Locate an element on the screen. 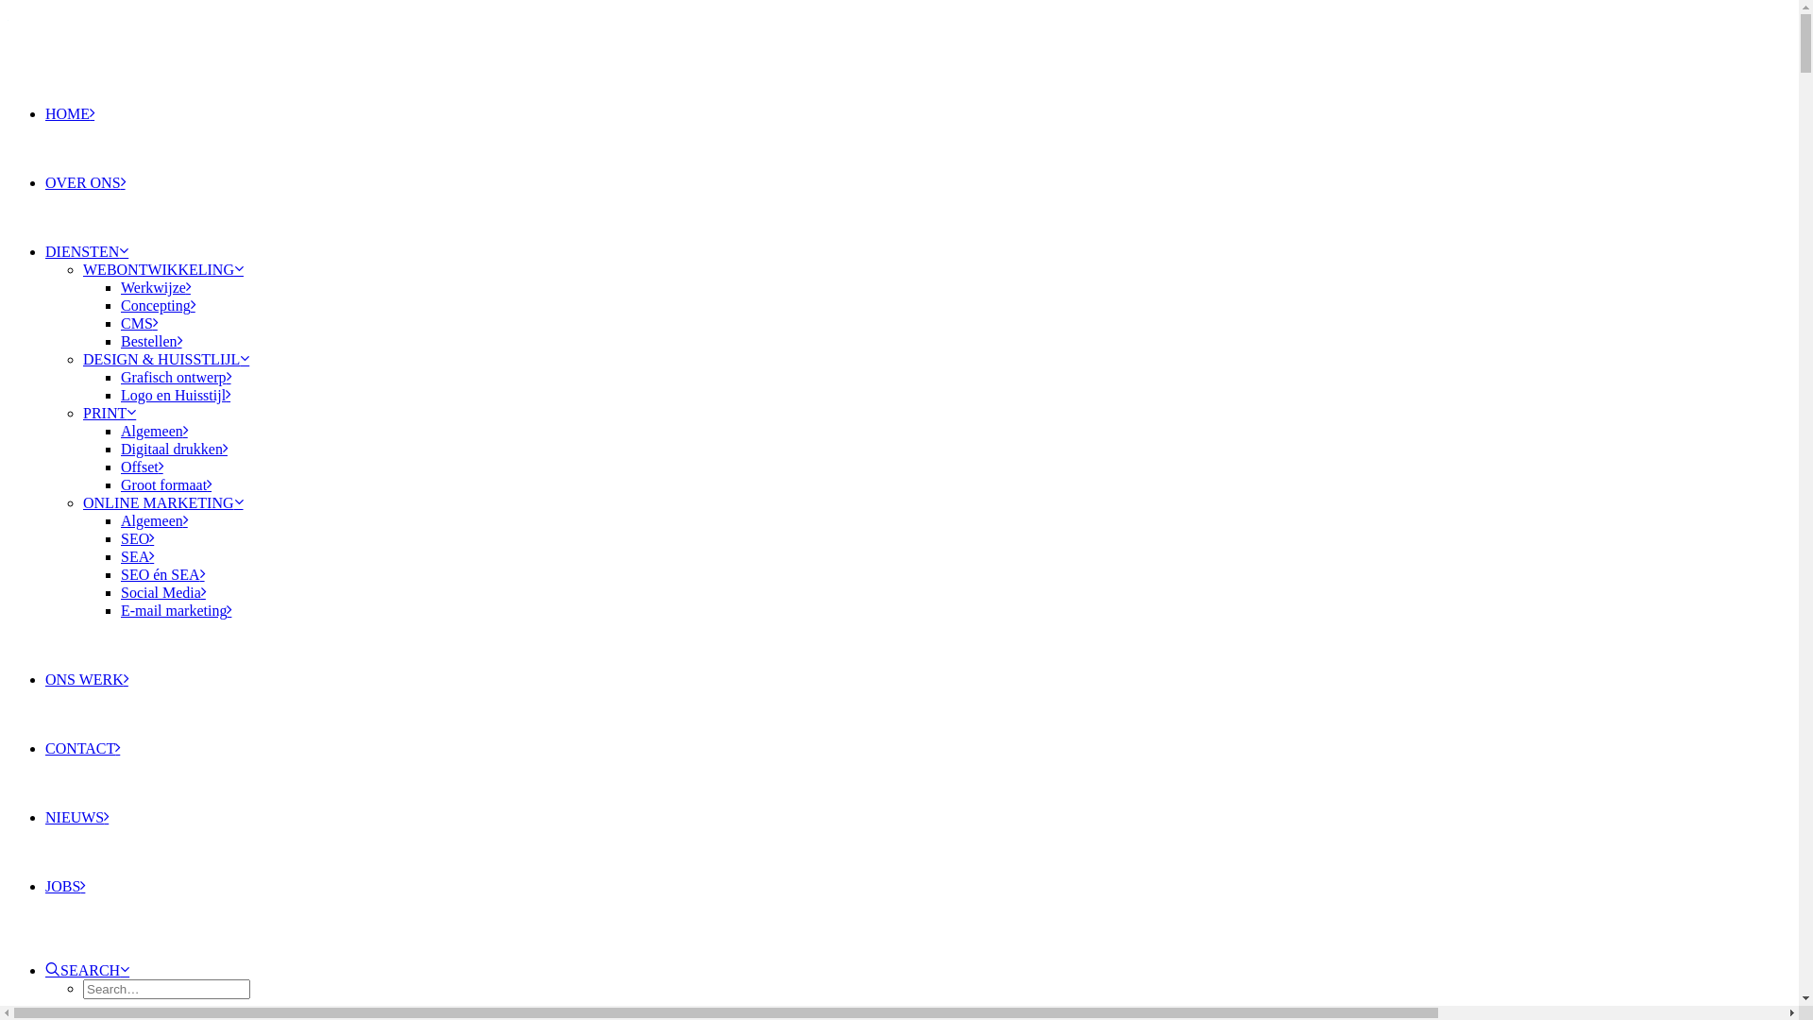 Image resolution: width=1813 pixels, height=1020 pixels. 'Concepting' is located at coordinates (158, 304).